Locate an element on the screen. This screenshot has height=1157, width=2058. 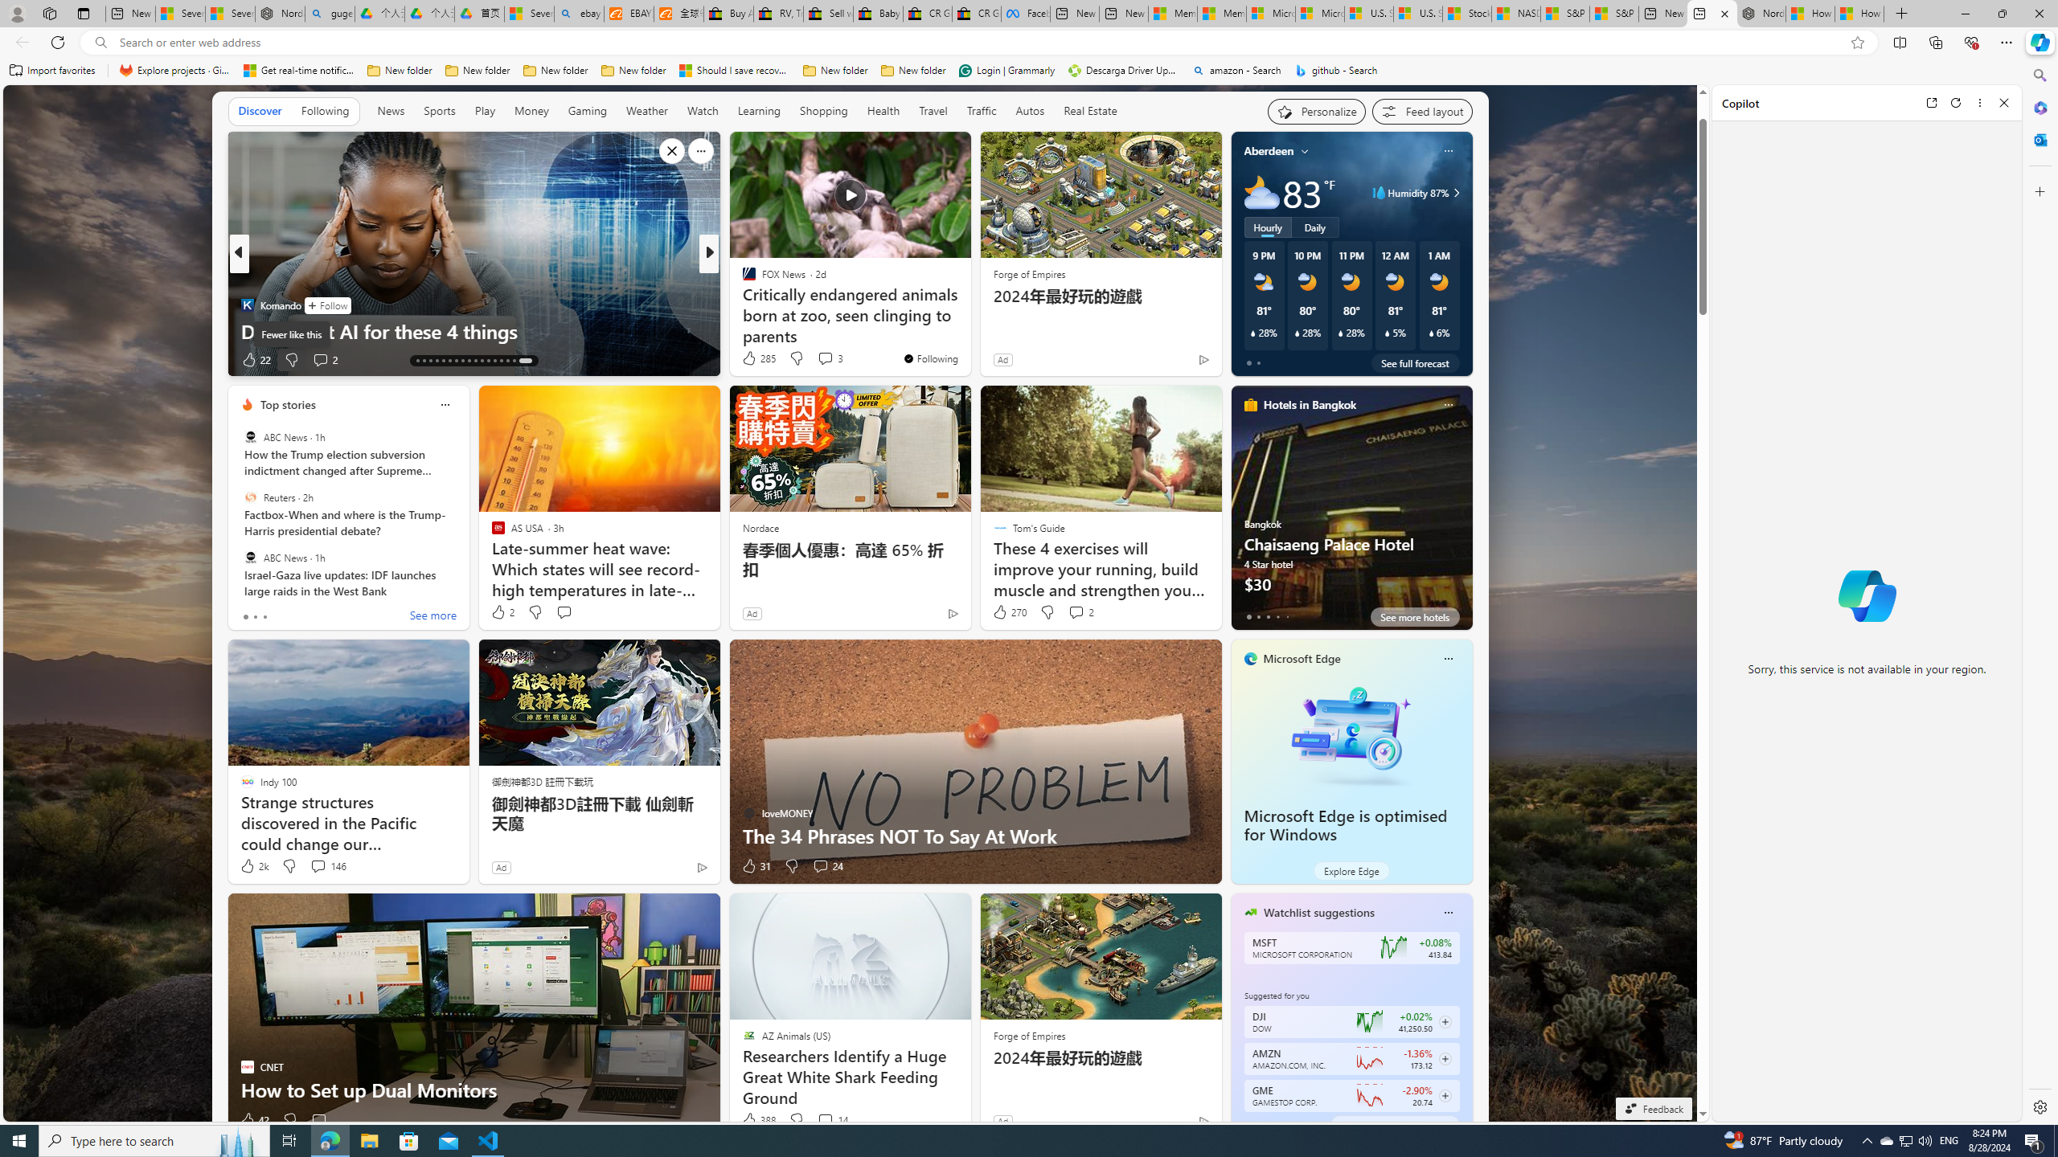
'Weather' is located at coordinates (646, 111).